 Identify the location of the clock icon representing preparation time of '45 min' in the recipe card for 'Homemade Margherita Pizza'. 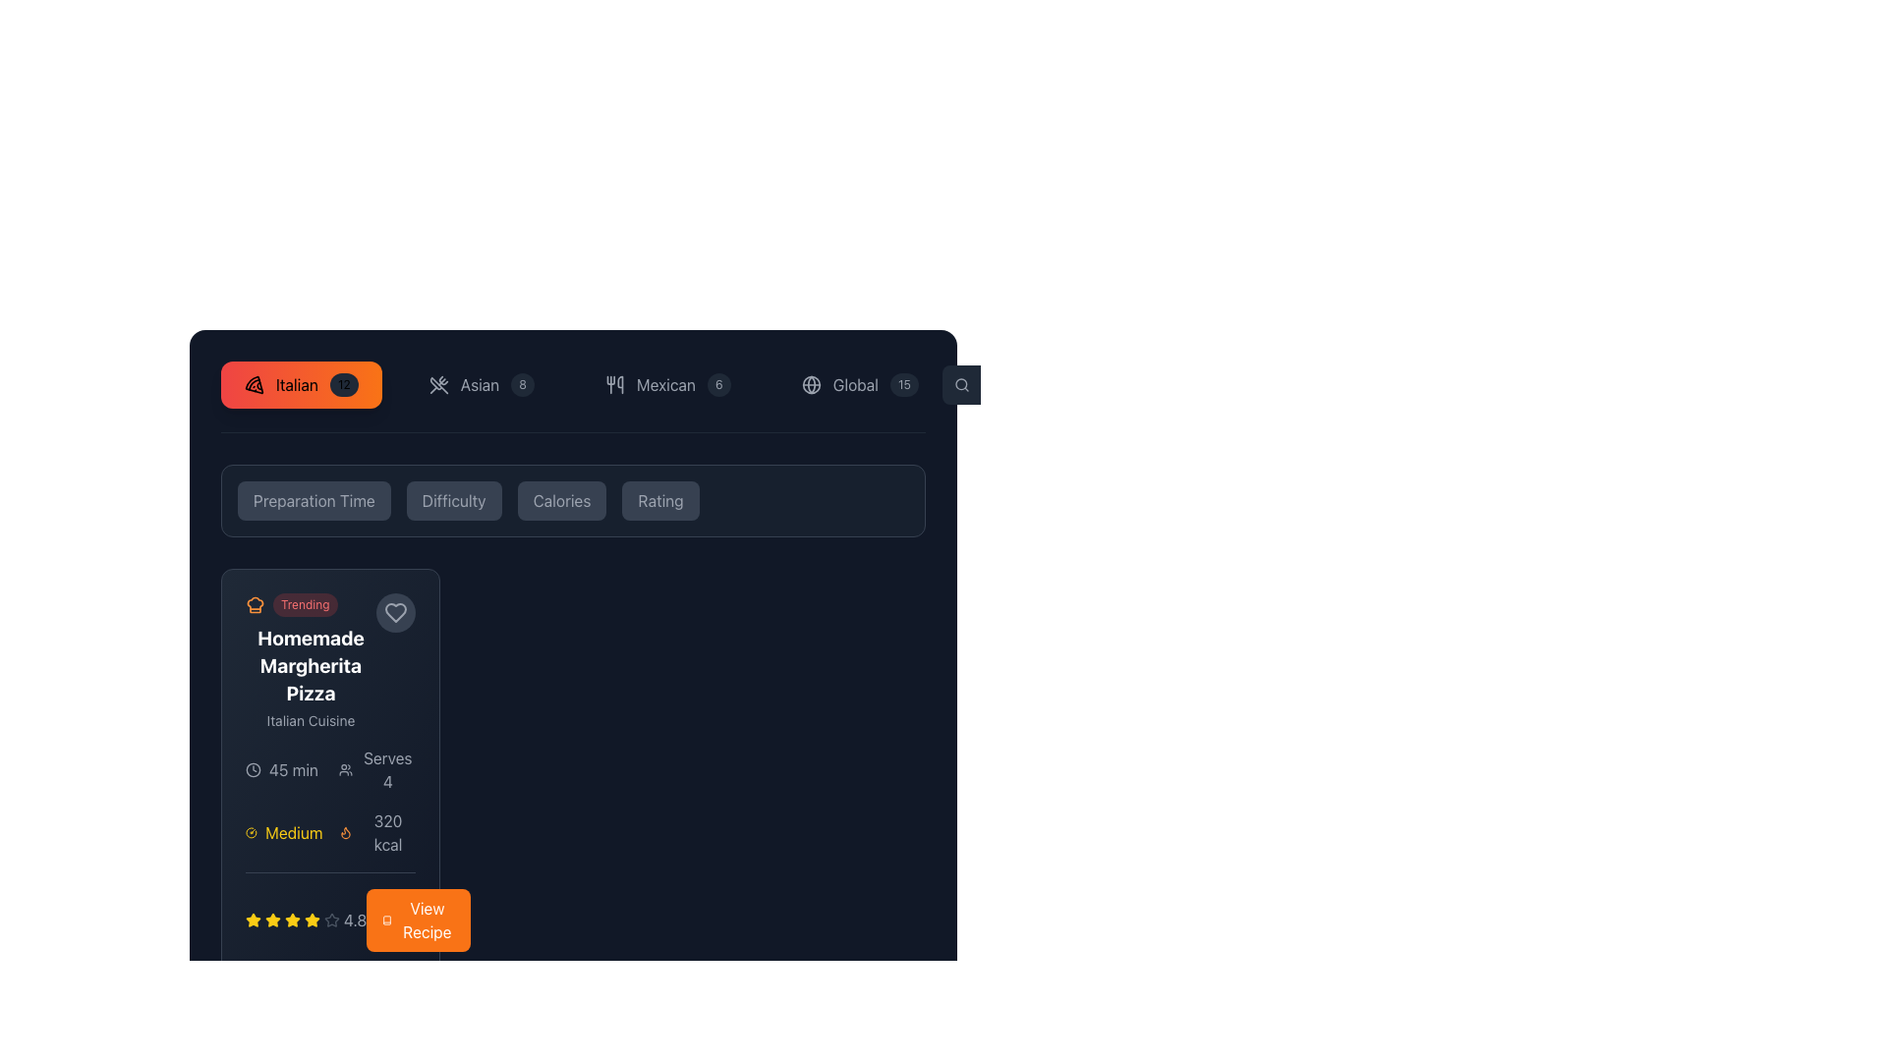
(253, 768).